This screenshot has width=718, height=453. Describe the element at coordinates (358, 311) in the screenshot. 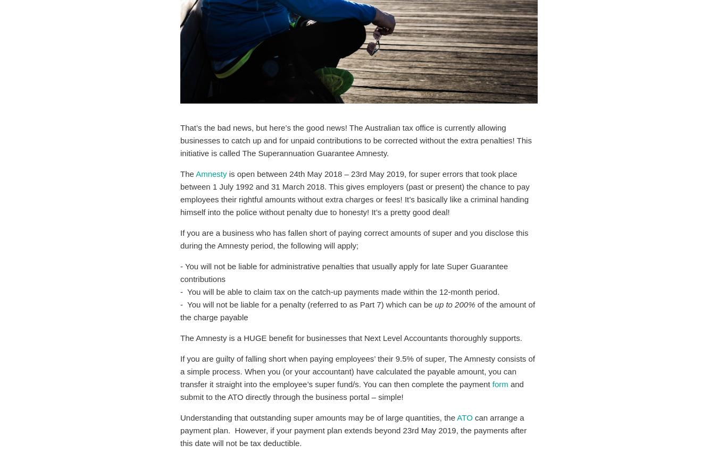

I see `'of the amount of the charge payable'` at that location.